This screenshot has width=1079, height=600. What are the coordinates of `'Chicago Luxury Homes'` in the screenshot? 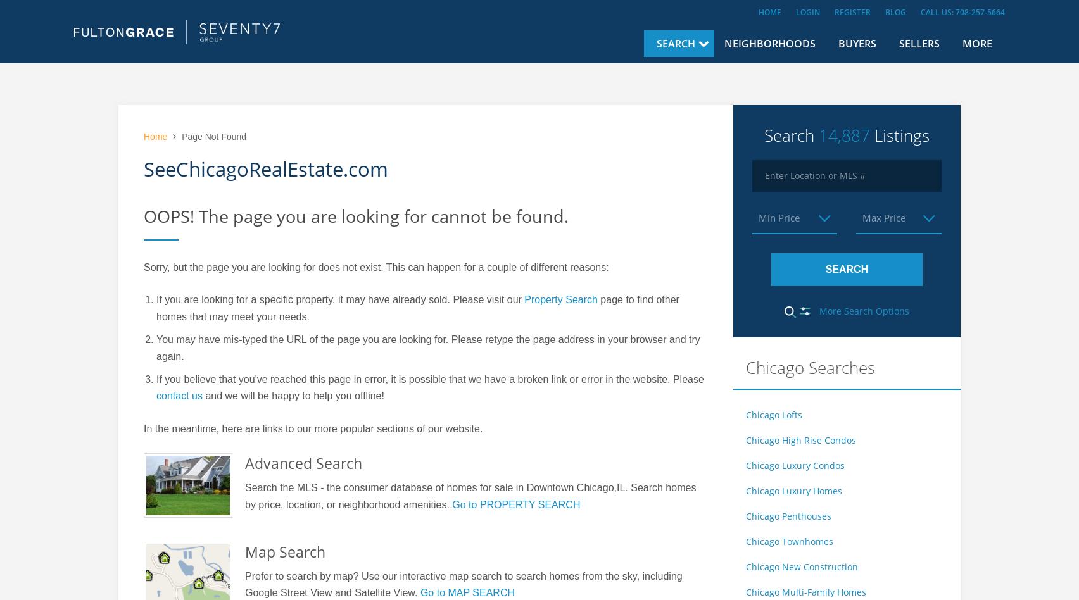 It's located at (792, 491).